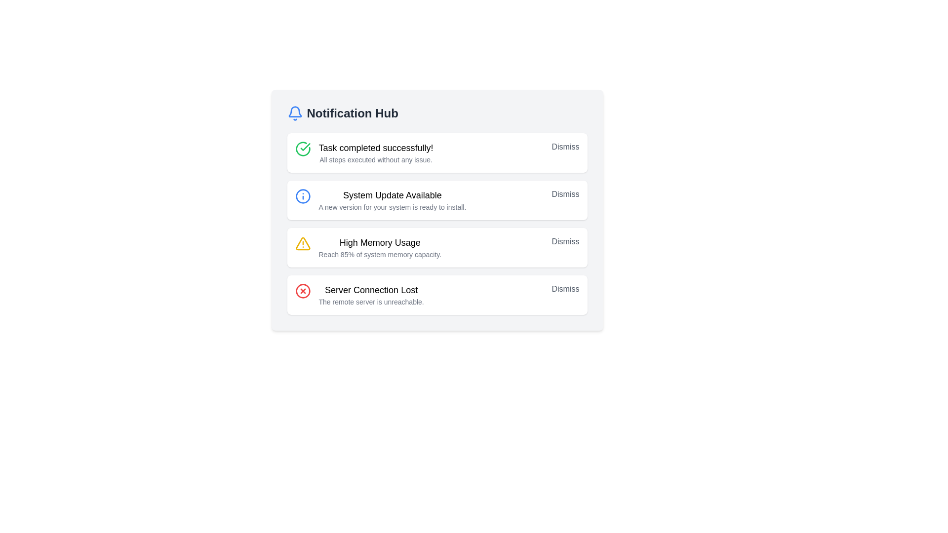 This screenshot has height=533, width=948. I want to click on the informational icon indicator located at the top-left corner of the 'System Update Available' notification panel, so click(302, 196).